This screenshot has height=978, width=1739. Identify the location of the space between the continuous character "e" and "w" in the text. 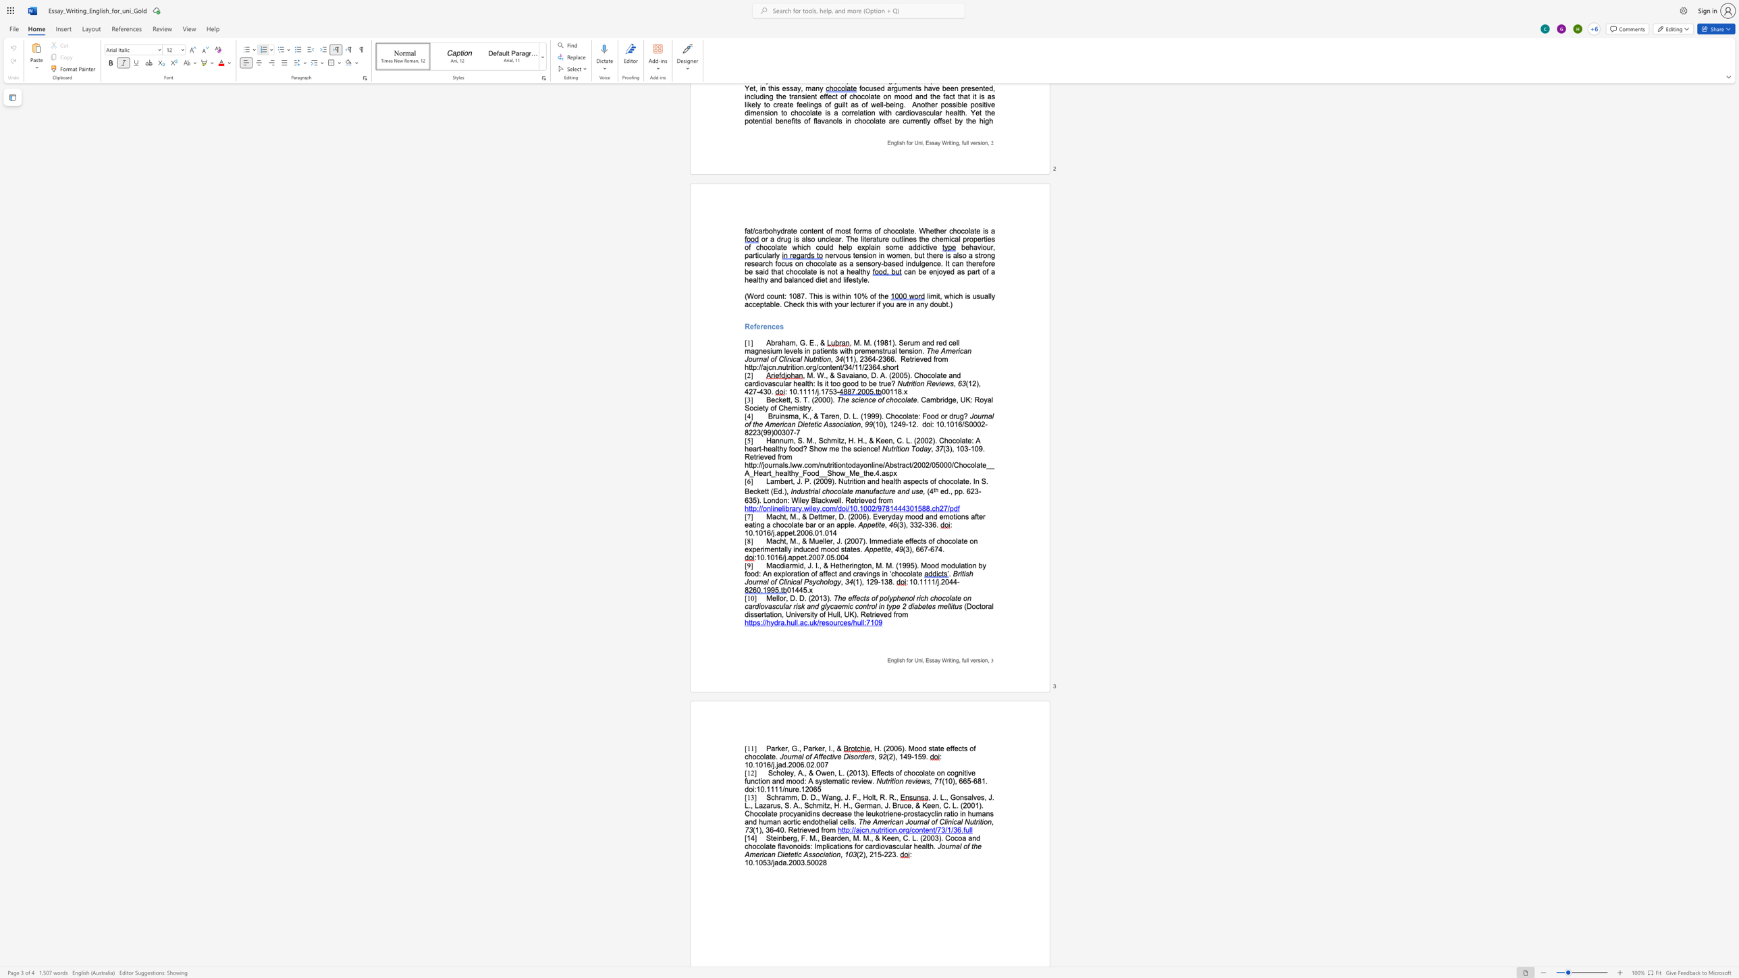
(921, 781).